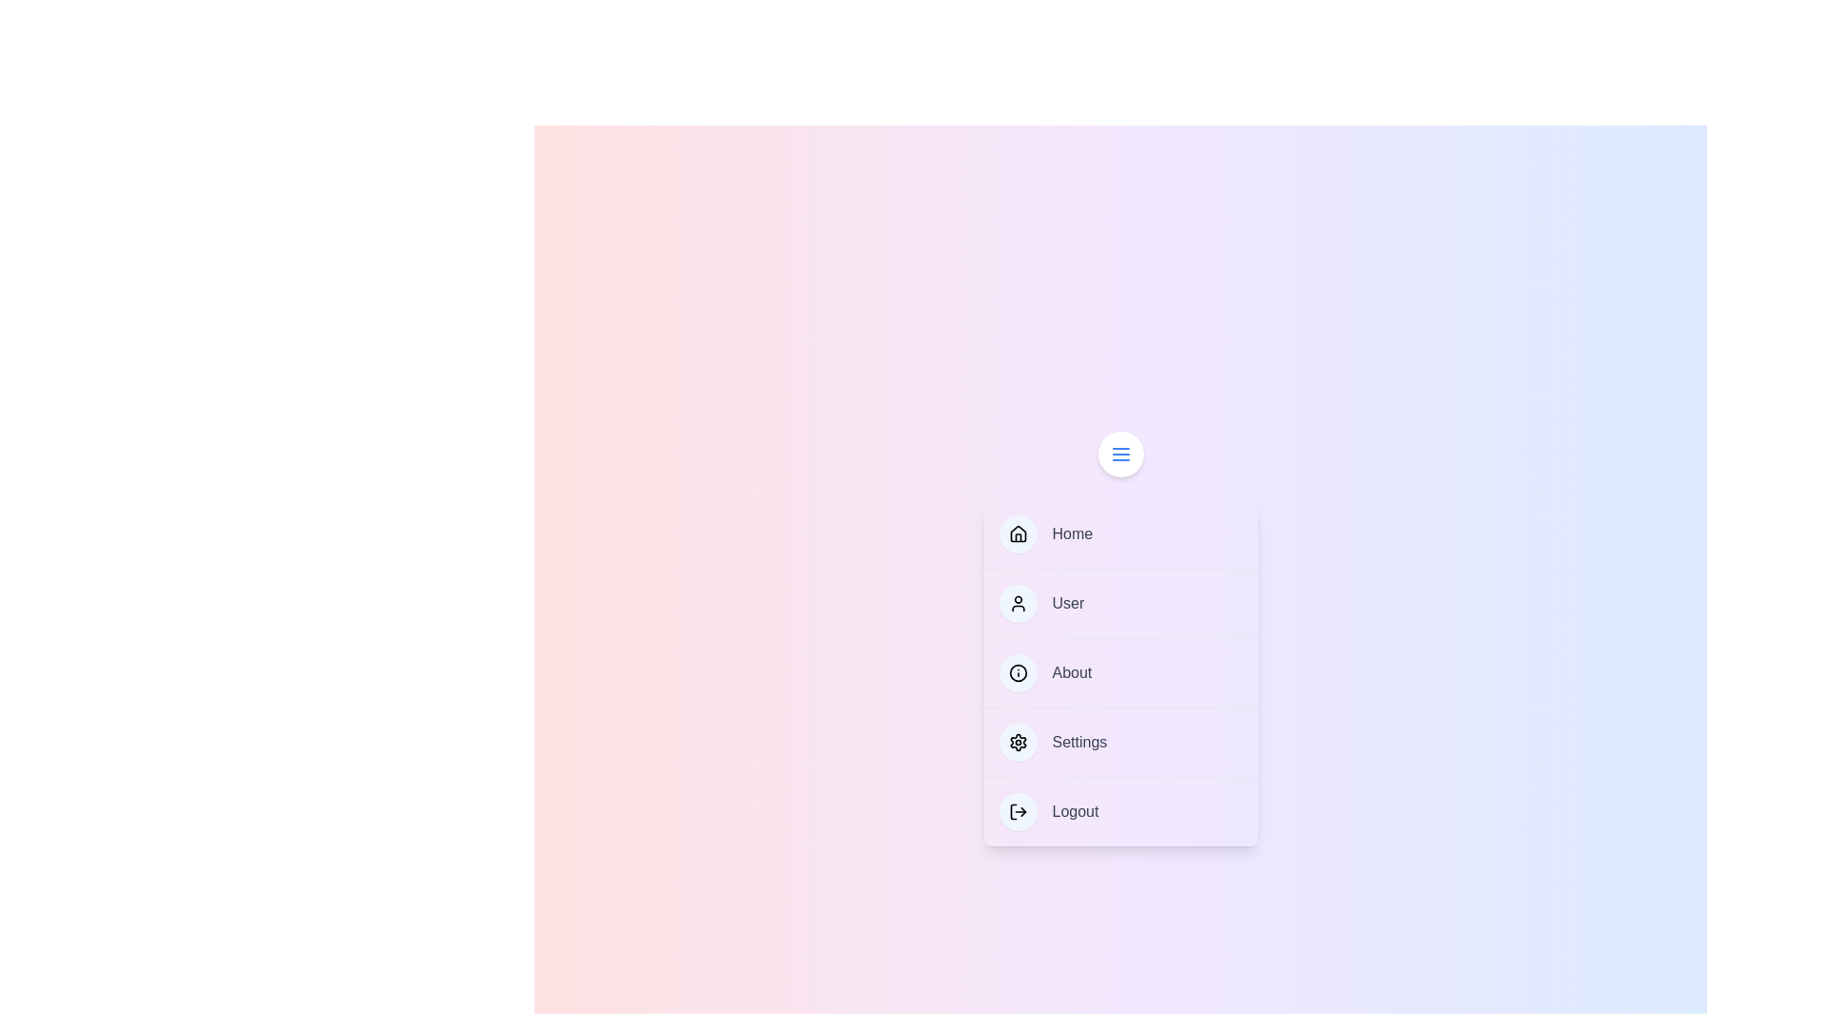 The image size is (1826, 1027). Describe the element at coordinates (1017, 741) in the screenshot. I see `the icon of the menu item labeled Settings` at that location.